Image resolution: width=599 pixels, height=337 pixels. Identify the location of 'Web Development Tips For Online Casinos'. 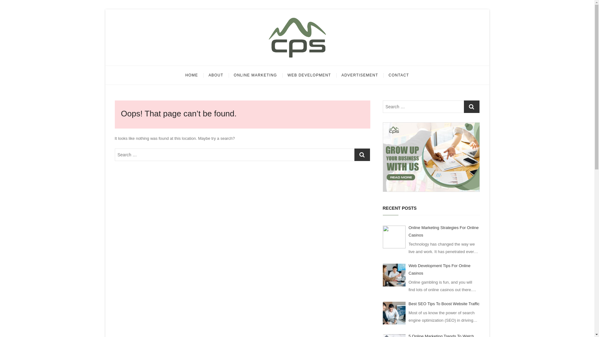
(444, 269).